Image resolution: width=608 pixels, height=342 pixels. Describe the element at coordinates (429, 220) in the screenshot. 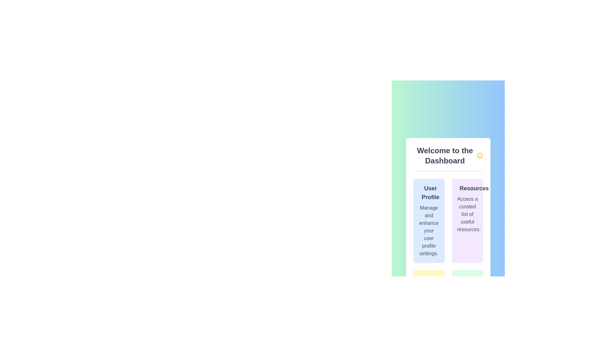

I see `descriptive text 'Manage and enhance your user profile settings.' from the informational card titled 'User Profile' with a light blue background located at the top-left corner of the grid` at that location.